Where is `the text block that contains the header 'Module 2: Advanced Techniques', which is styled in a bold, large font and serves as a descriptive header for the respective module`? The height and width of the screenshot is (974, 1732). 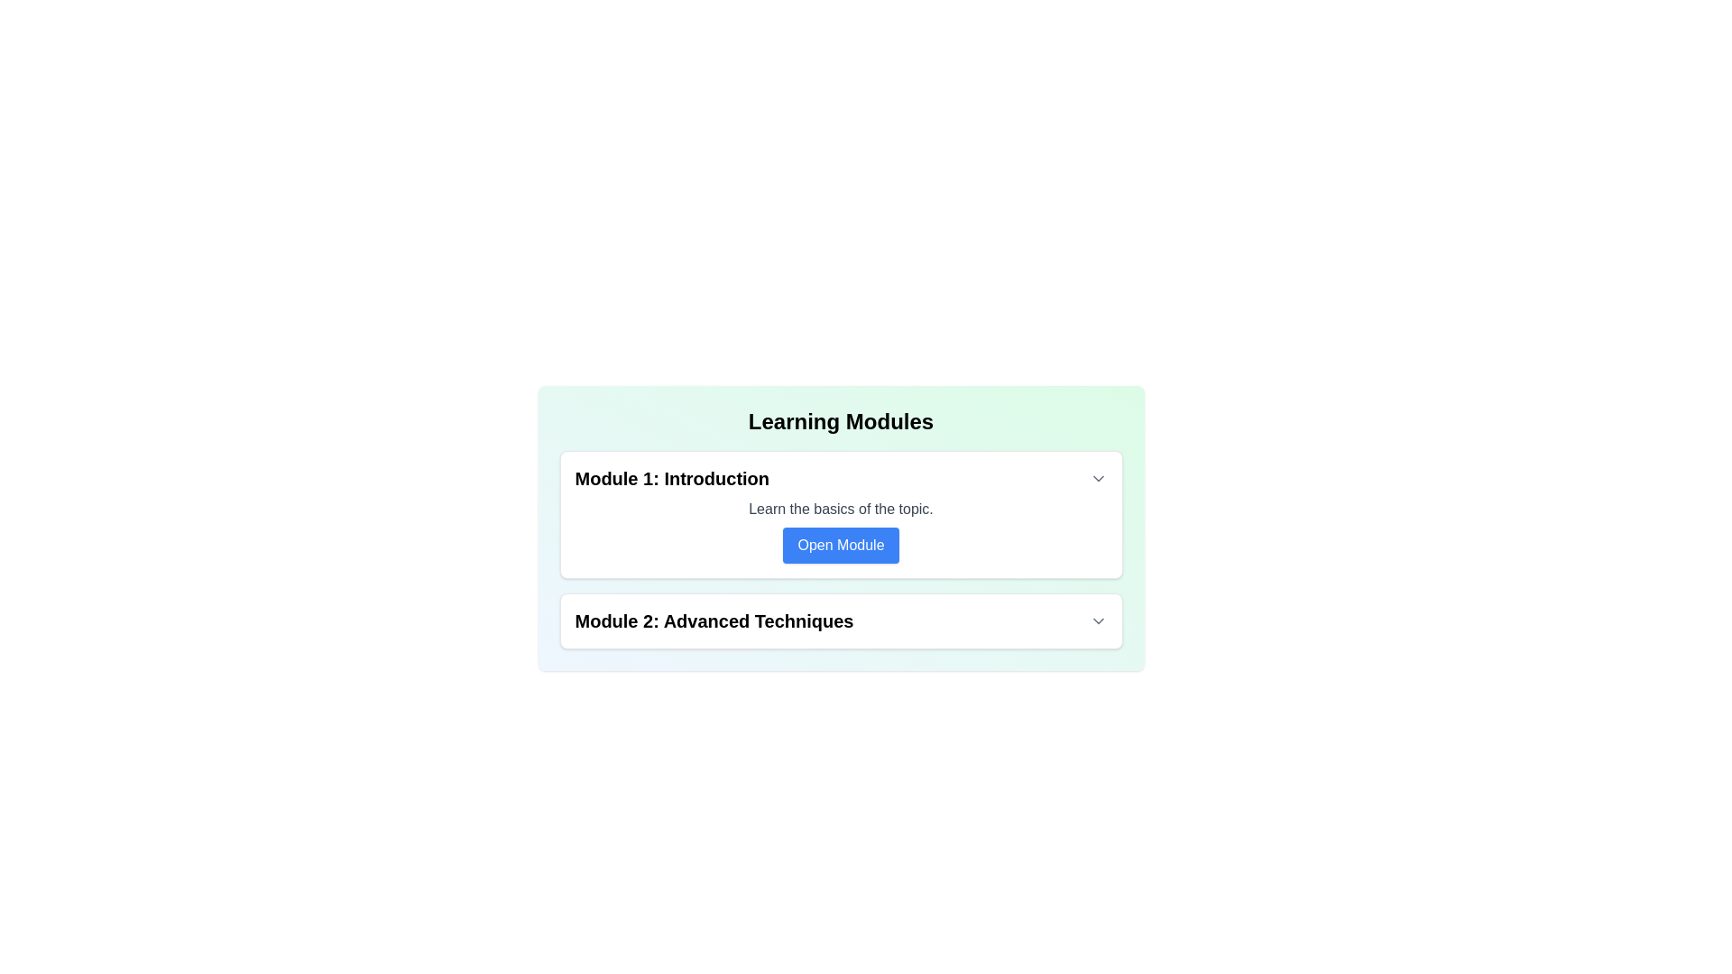 the text block that contains the header 'Module 2: Advanced Techniques', which is styled in a bold, large font and serves as a descriptive header for the respective module is located at coordinates (714, 620).